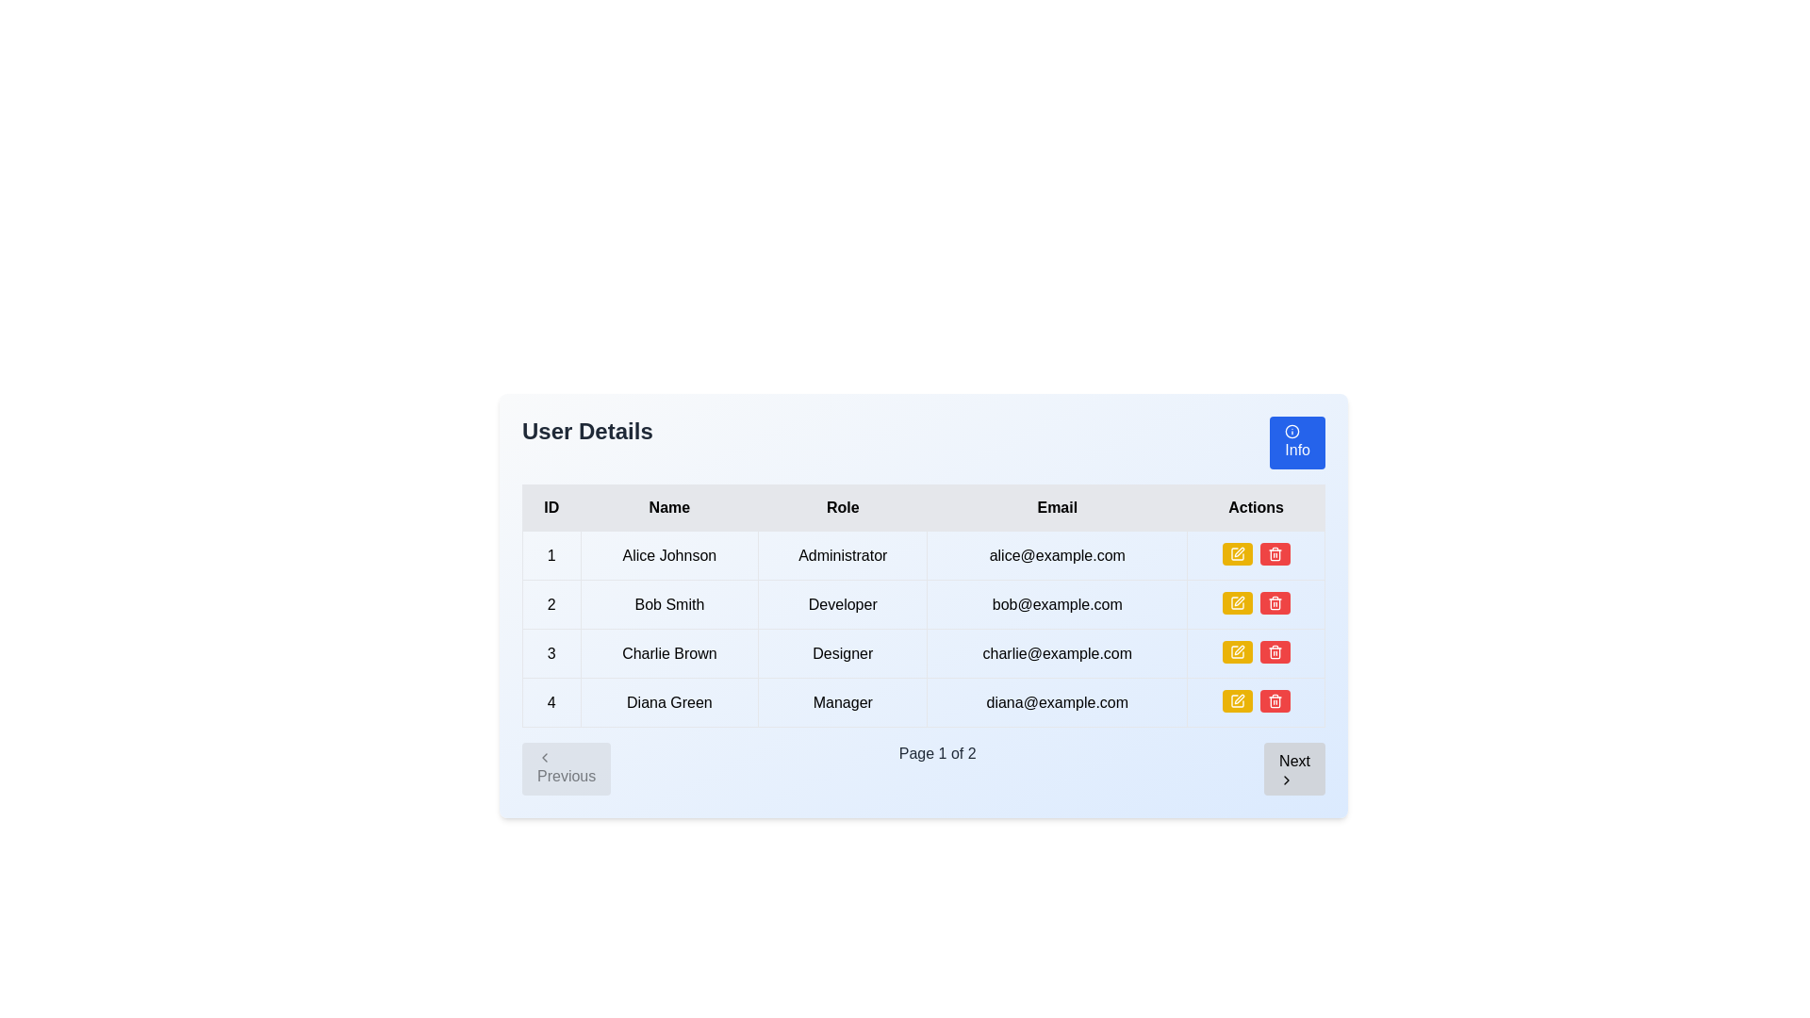 The width and height of the screenshot is (1810, 1018). What do you see at coordinates (669, 604) in the screenshot?
I see `the Text Label displaying the name of the user in the second row of the user details table, which is framed by the ID '2' on the left and 'Developer' on the right` at bounding box center [669, 604].